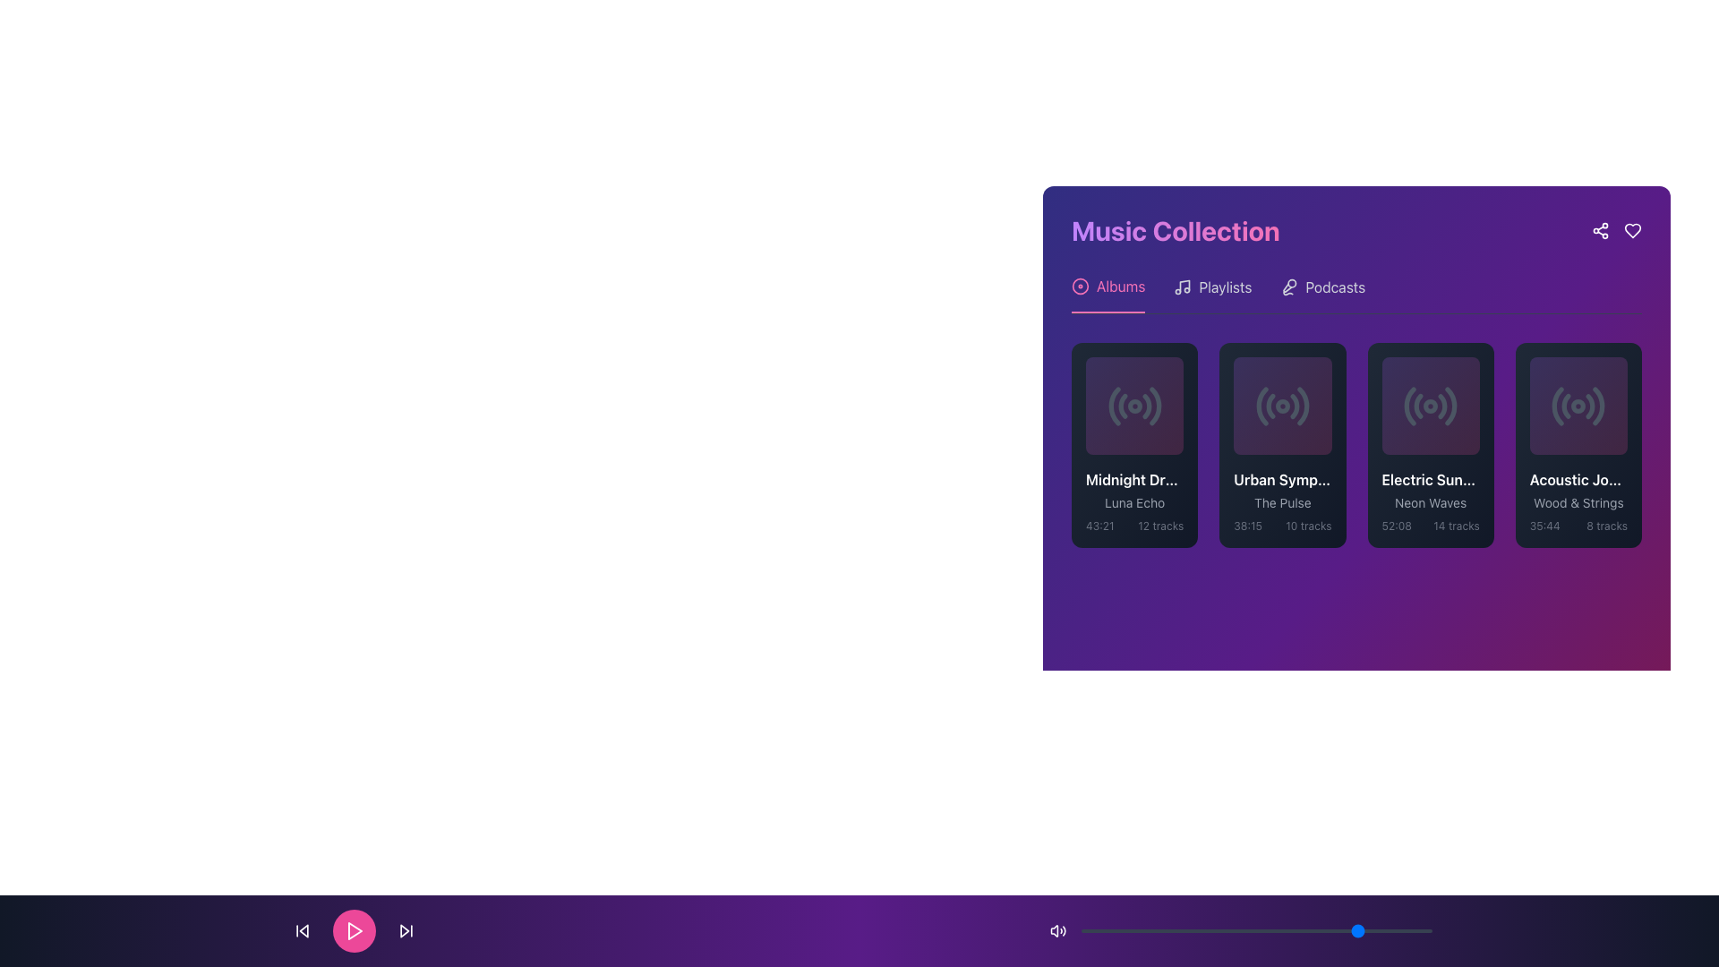 Image resolution: width=1719 pixels, height=967 pixels. What do you see at coordinates (1579, 406) in the screenshot?
I see `the Play Symbol icon located in the fourth playlist card of the Music Collection section for reordering` at bounding box center [1579, 406].